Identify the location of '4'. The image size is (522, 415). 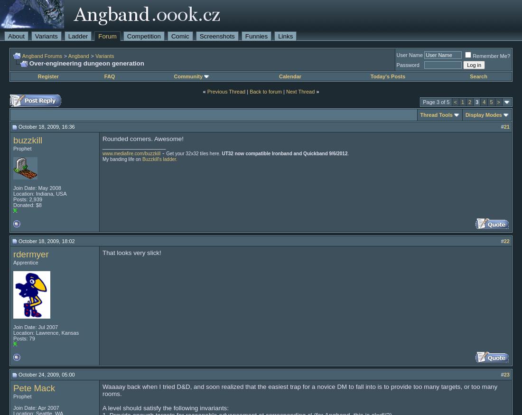
(484, 102).